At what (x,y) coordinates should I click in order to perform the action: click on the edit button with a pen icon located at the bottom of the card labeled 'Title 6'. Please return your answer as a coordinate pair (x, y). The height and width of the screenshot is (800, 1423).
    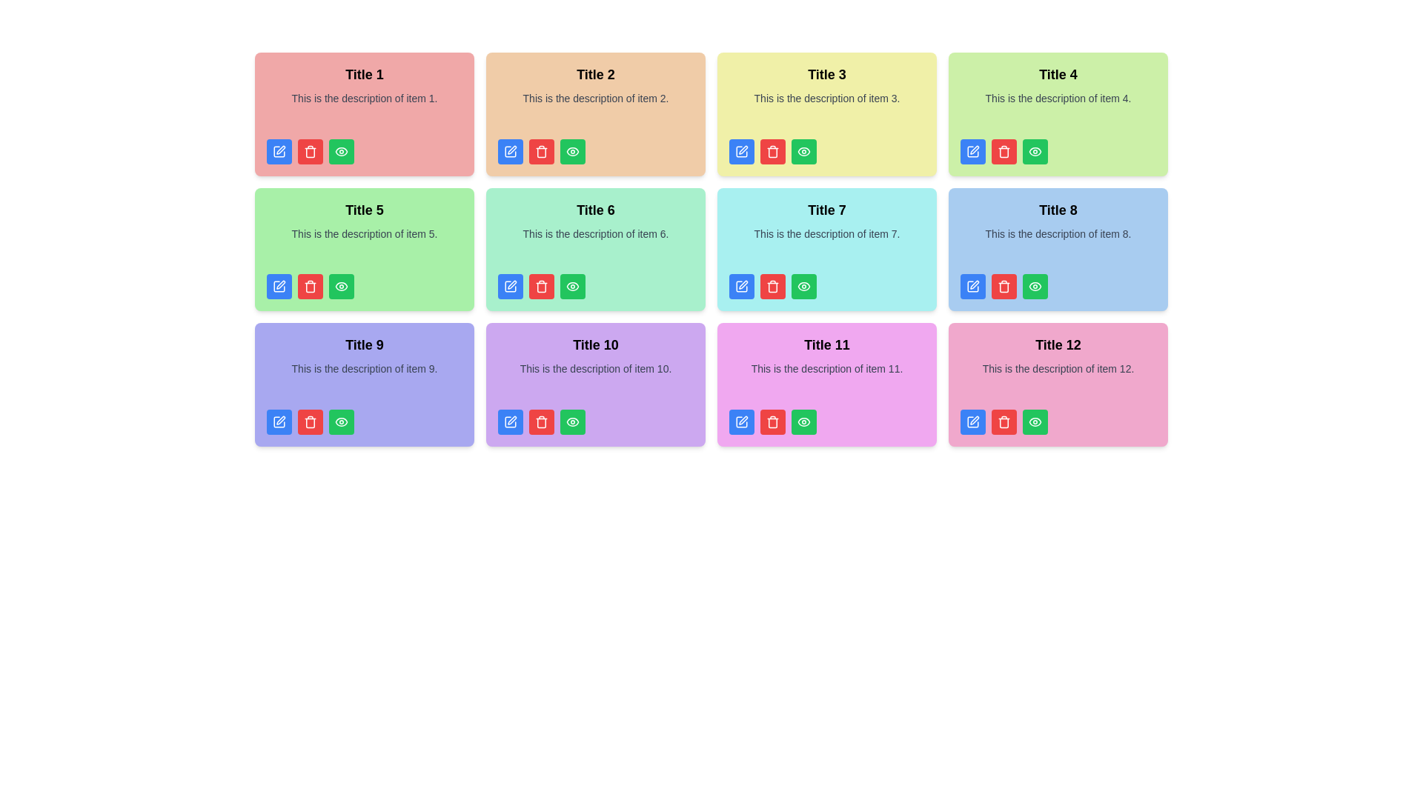
    Looking at the image, I should click on (511, 286).